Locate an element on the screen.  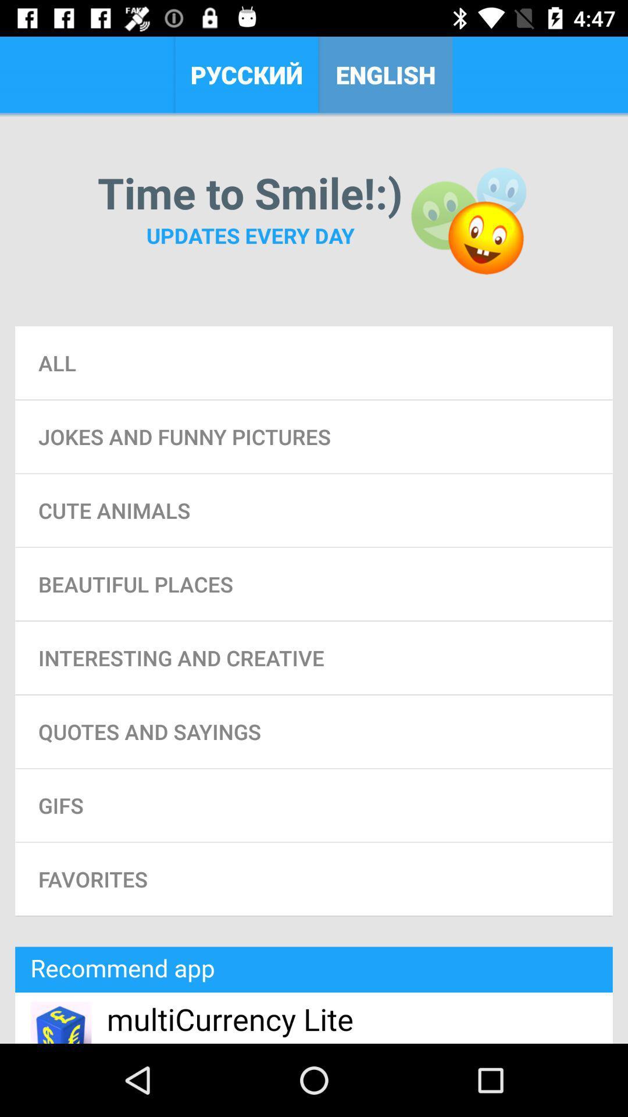
jokes and funny is located at coordinates (314, 436).